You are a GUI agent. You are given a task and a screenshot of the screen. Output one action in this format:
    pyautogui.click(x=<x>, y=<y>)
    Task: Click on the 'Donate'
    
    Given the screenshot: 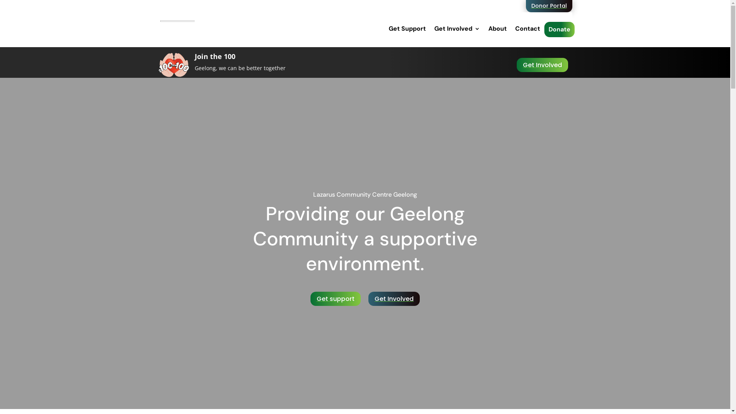 What is the action you would take?
    pyautogui.click(x=548, y=29)
    